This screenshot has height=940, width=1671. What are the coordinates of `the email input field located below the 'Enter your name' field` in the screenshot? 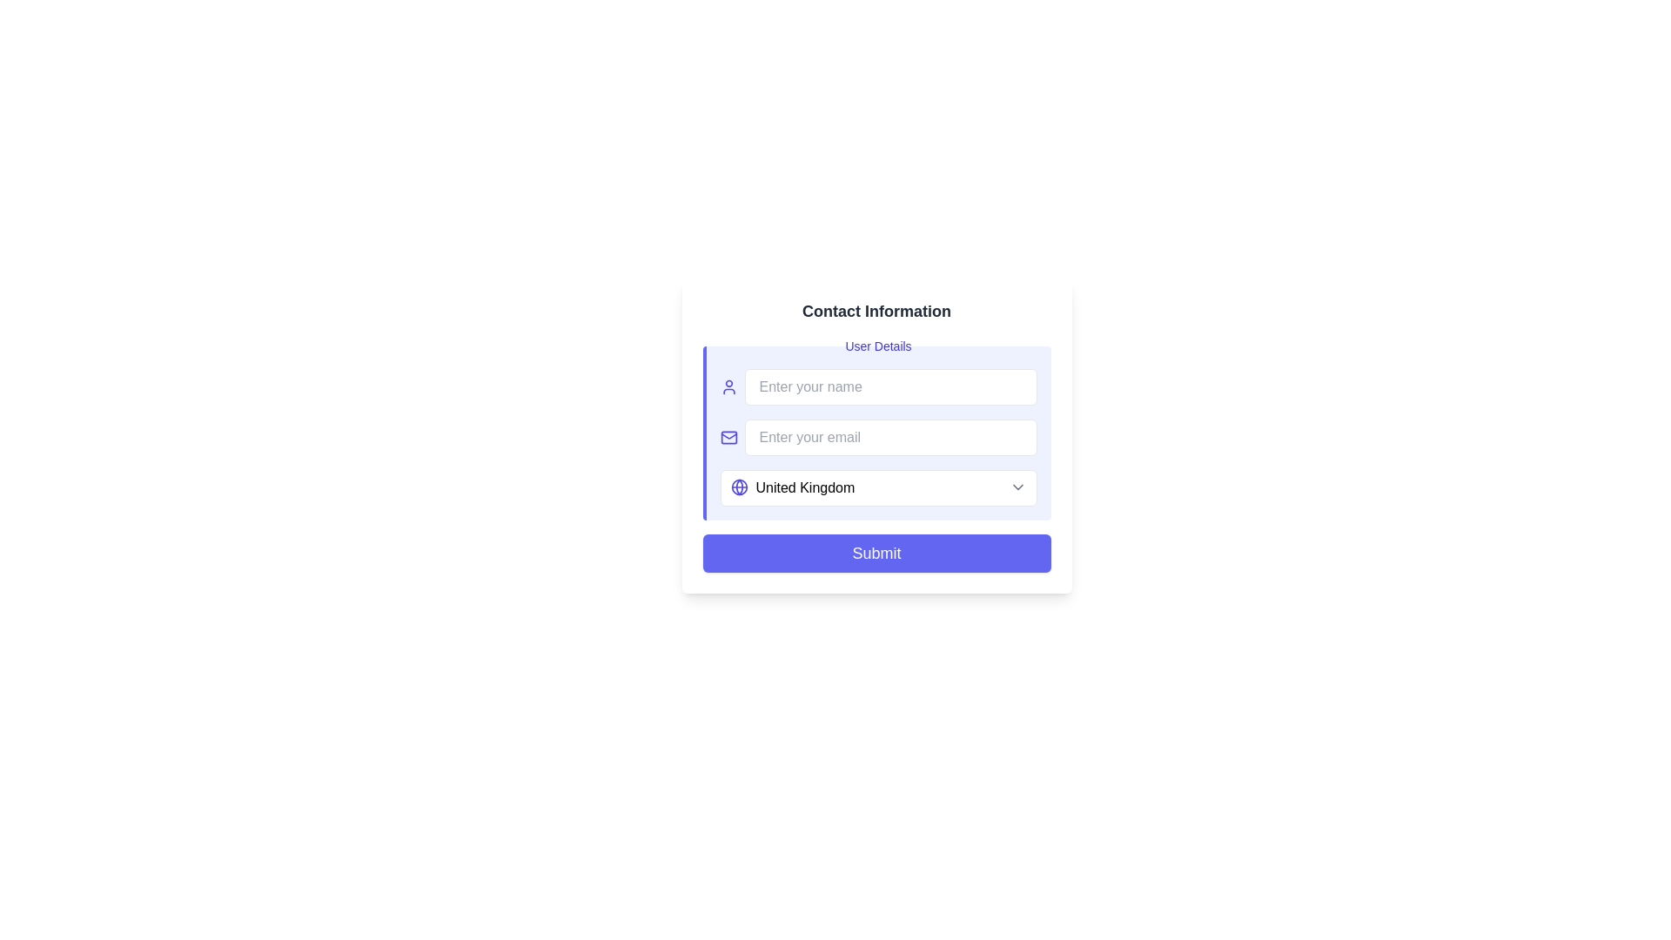 It's located at (878, 436).